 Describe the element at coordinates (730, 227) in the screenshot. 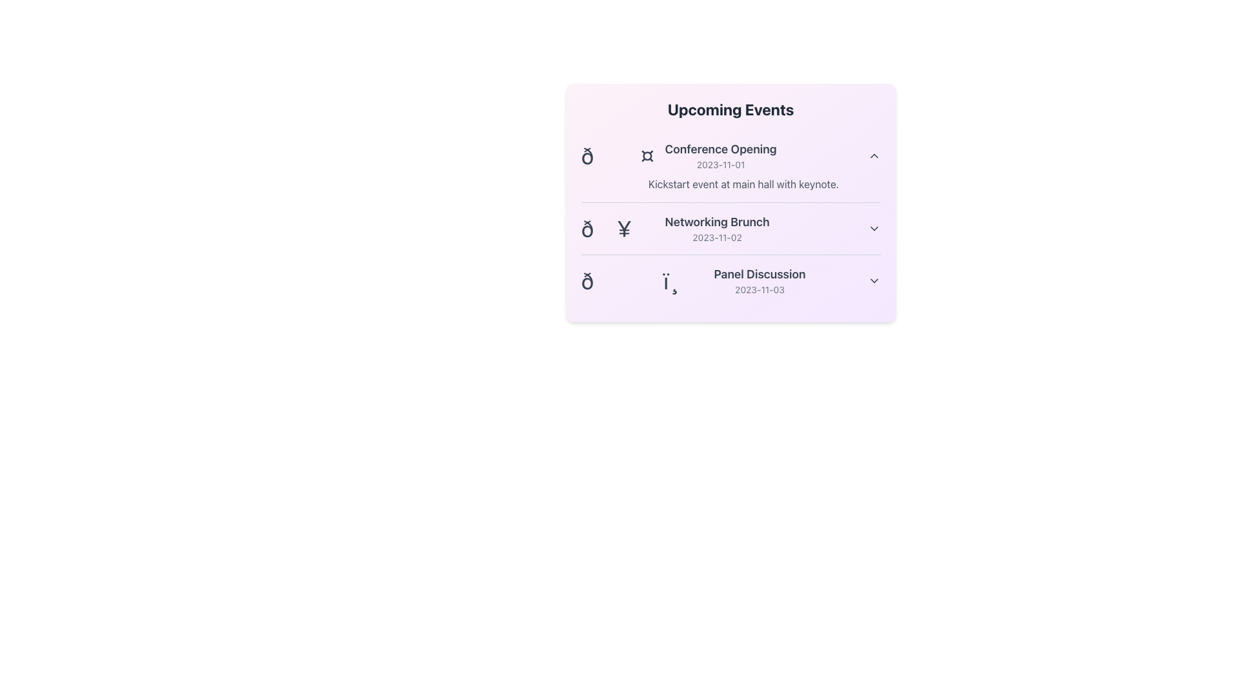

I see `the interactive arrow icon on the 'Networking Brunch' event` at that location.